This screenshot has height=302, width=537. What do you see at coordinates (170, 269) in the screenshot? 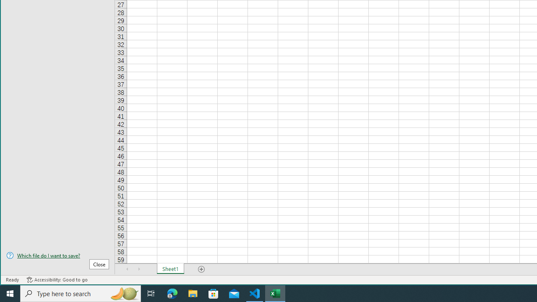
I see `'Sheet1'` at bounding box center [170, 269].